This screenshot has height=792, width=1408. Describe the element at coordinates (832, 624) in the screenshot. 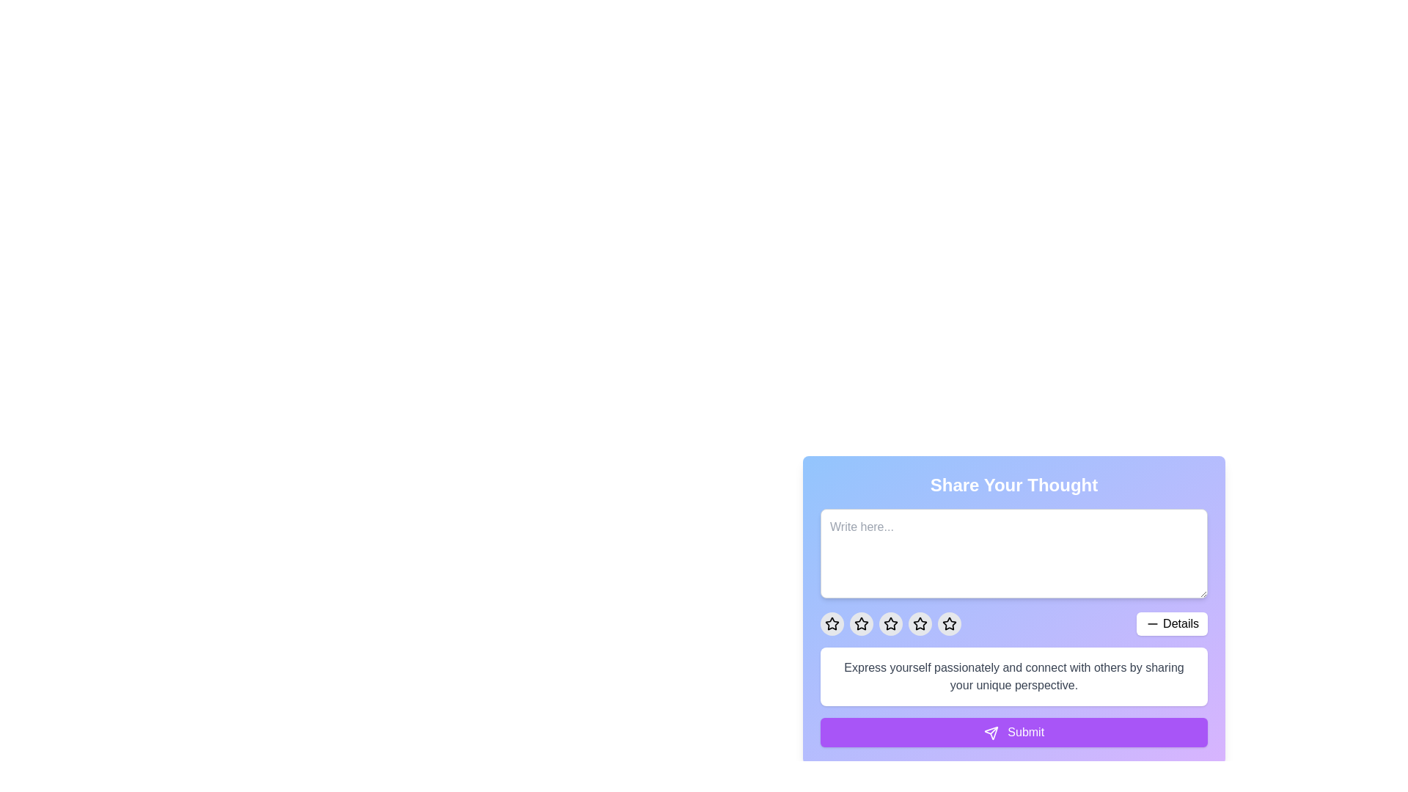

I see `the first star rating button located below the 'Write here...' text input field` at that location.